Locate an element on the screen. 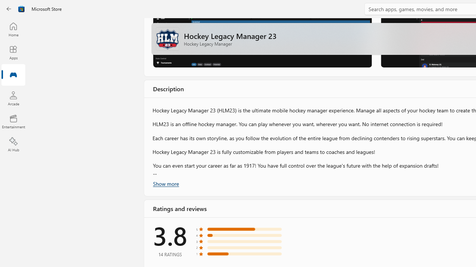  'Arcade' is located at coordinates (13, 98).